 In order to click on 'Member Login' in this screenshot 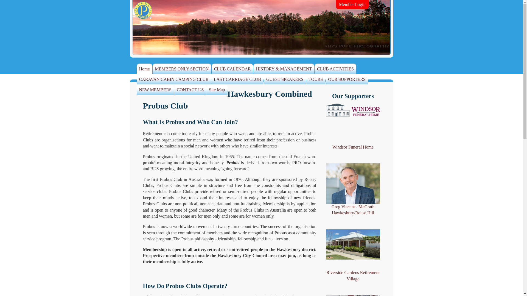, I will do `click(352, 4)`.